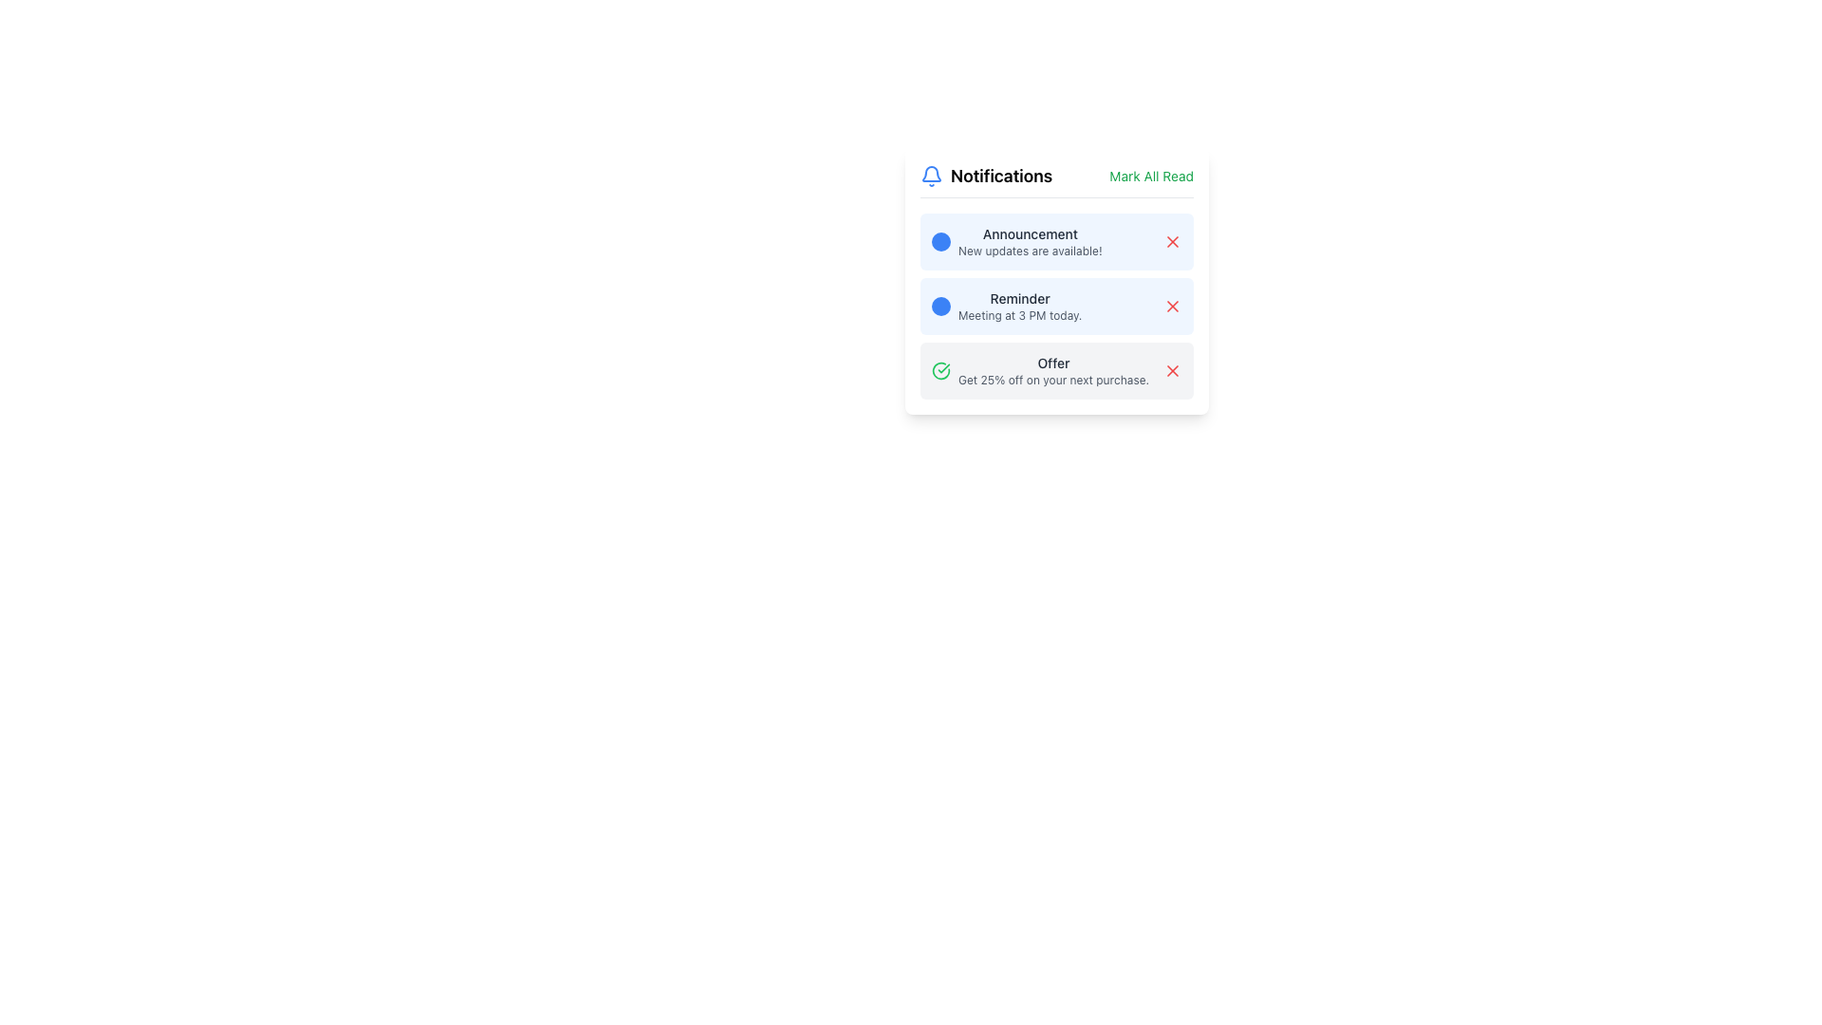 The image size is (1822, 1025). What do you see at coordinates (941, 370) in the screenshot?
I see `the success indicator icon located on the left side of the 'Offer' notification, which marks the notification as read, adjacent to the text 'Offer Get 25% off on your next purchase.'` at bounding box center [941, 370].